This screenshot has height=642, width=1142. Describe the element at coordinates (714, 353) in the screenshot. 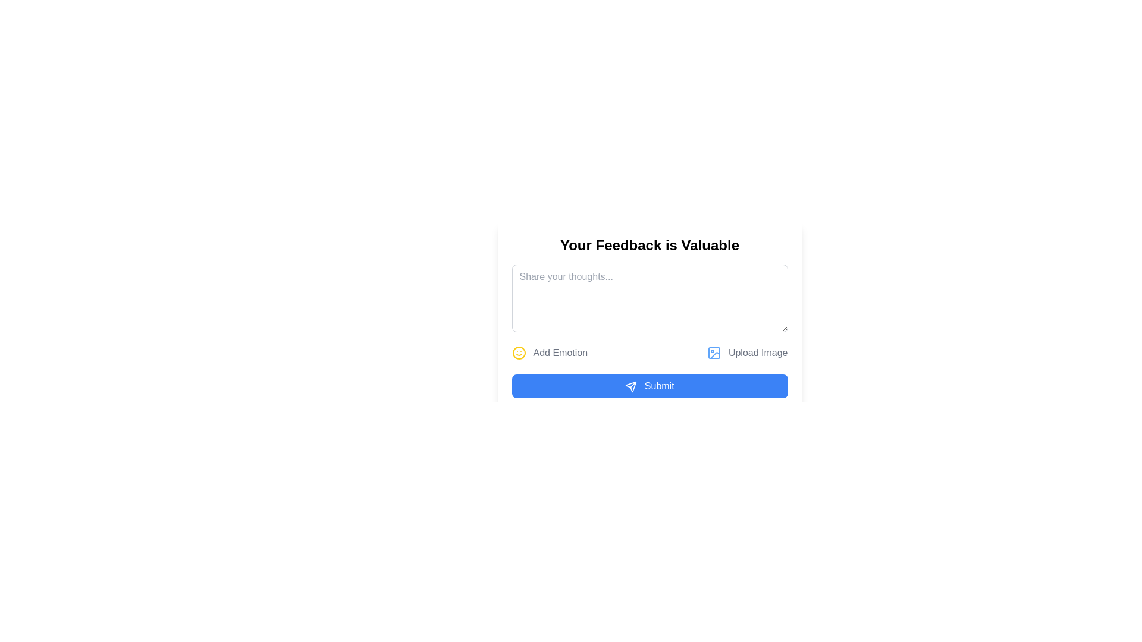

I see `the decorative rectangular graphical component with rounded corners located within the SVG icon on the right section of the toolbar under the 'Your Feedback is Valuable' form` at that location.